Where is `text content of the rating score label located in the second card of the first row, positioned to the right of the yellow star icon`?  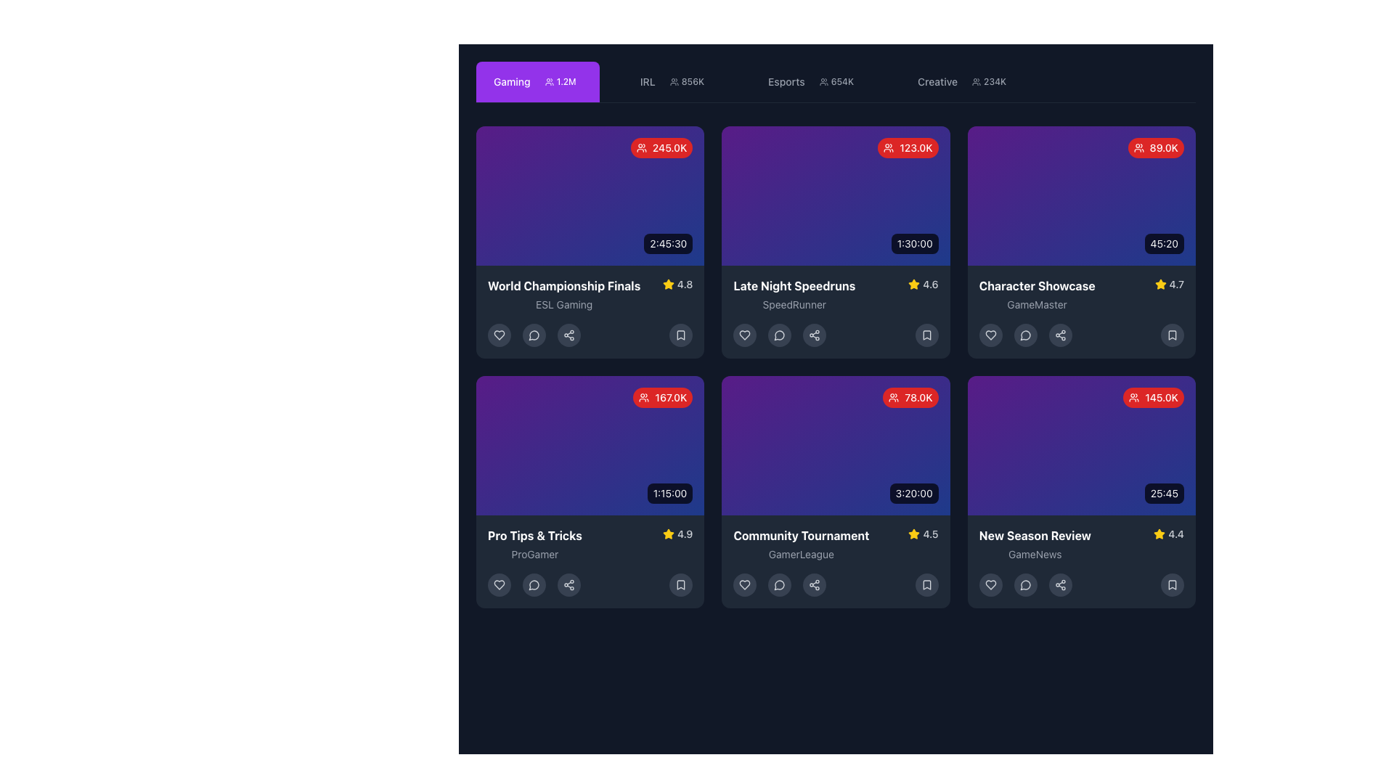 text content of the rating score label located in the second card of the first row, positioned to the right of the yellow star icon is located at coordinates (930, 285).